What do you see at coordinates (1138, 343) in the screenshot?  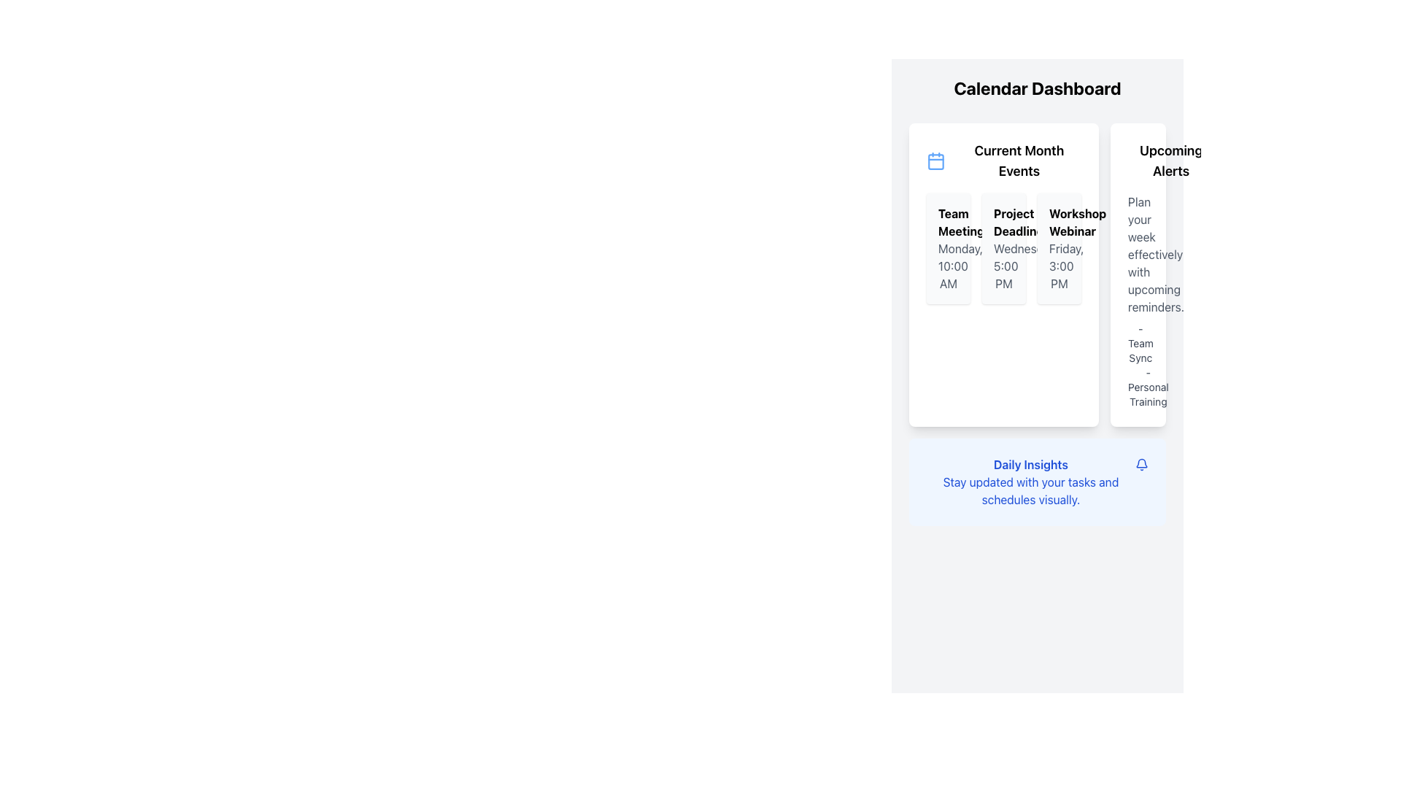 I see `contents of the text label displaying '- Team Sync', which is styled in a small font and muted gray color, located in the 'Upcoming Alerts' section` at bounding box center [1138, 343].